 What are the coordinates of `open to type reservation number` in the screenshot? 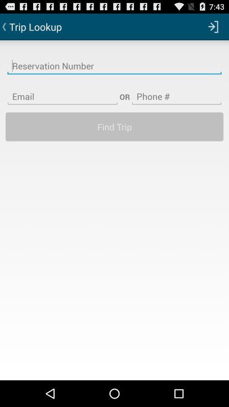 It's located at (114, 60).